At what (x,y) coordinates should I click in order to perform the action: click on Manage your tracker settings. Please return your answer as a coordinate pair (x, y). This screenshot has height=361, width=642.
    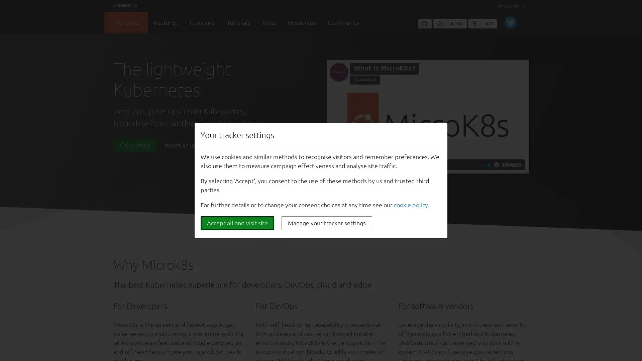
    Looking at the image, I should click on (327, 223).